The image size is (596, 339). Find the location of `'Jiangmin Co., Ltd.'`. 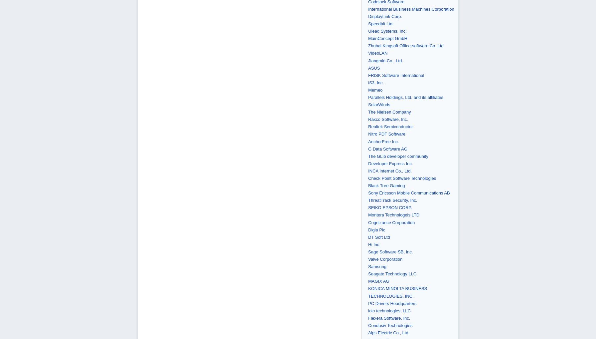

'Jiangmin Co., Ltd.' is located at coordinates (385, 60).